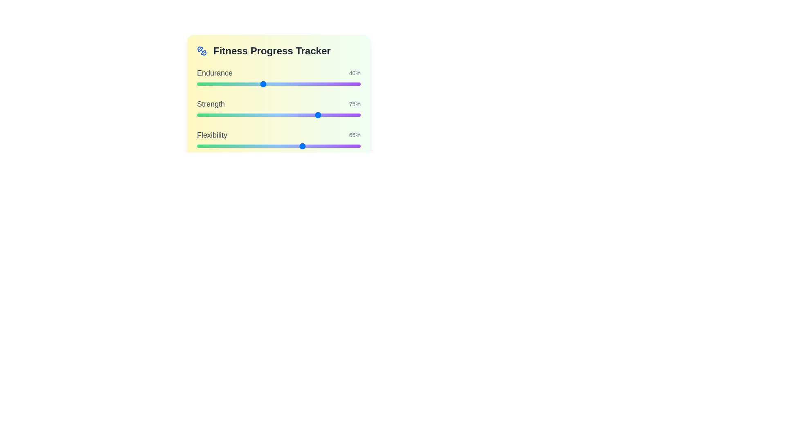  Describe the element at coordinates (296, 115) in the screenshot. I see `the slider value` at that location.